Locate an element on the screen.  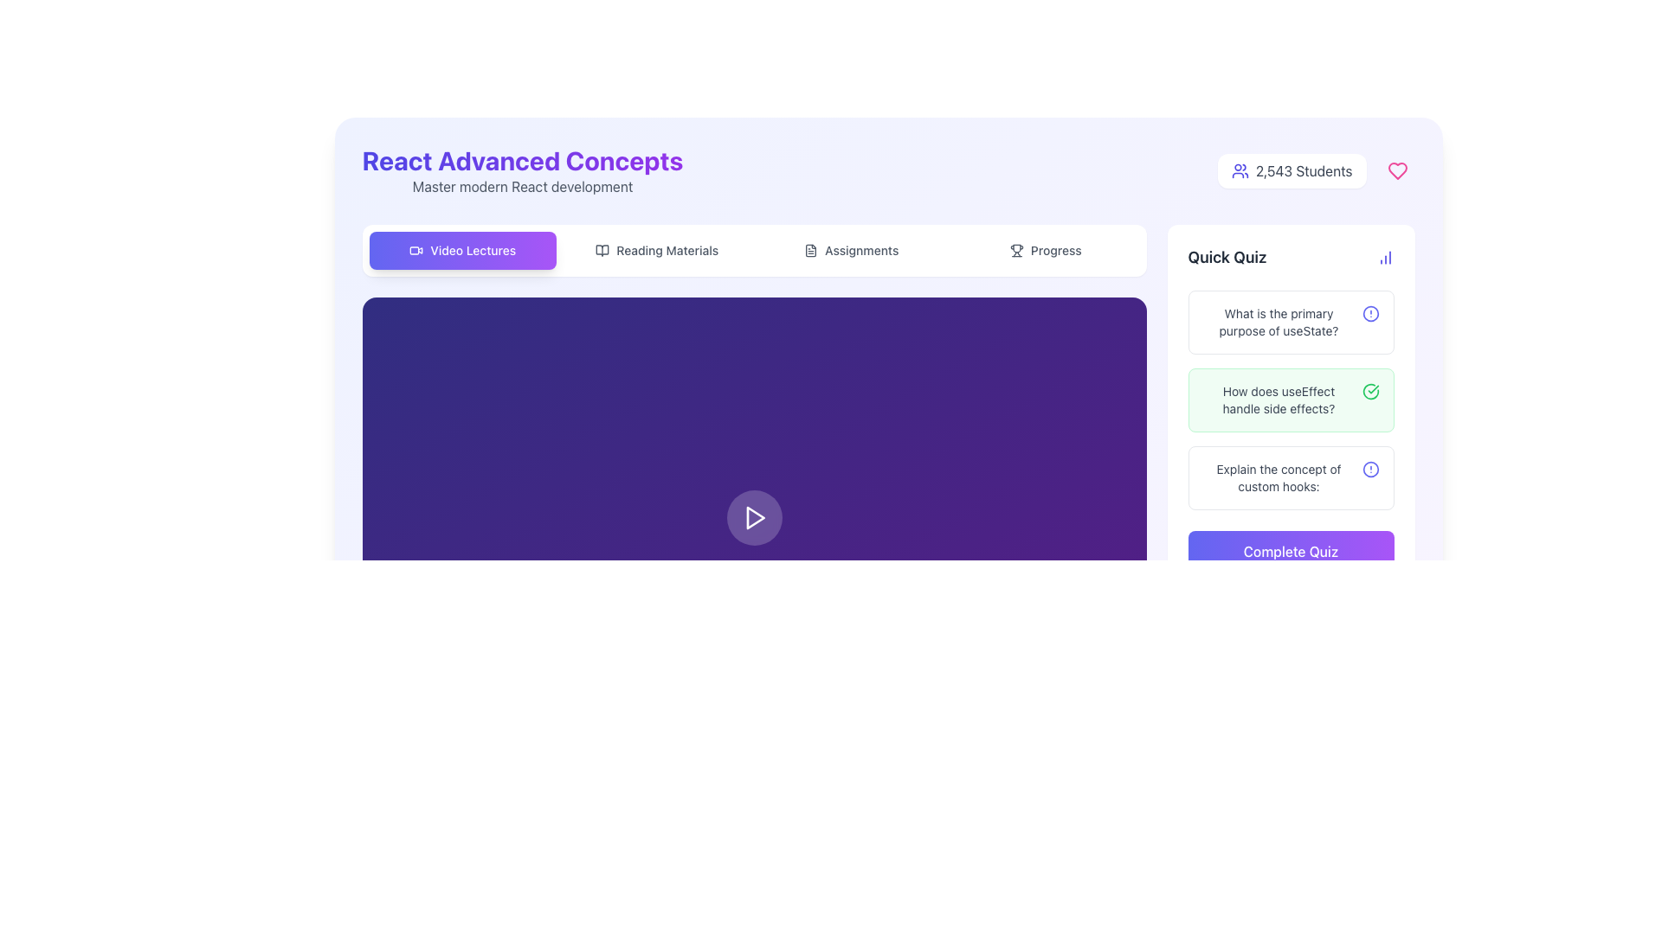
the triangular play button icon with a white outline and transparent interior, located centrally within a semi-transparent circular backdrop is located at coordinates (754, 516).